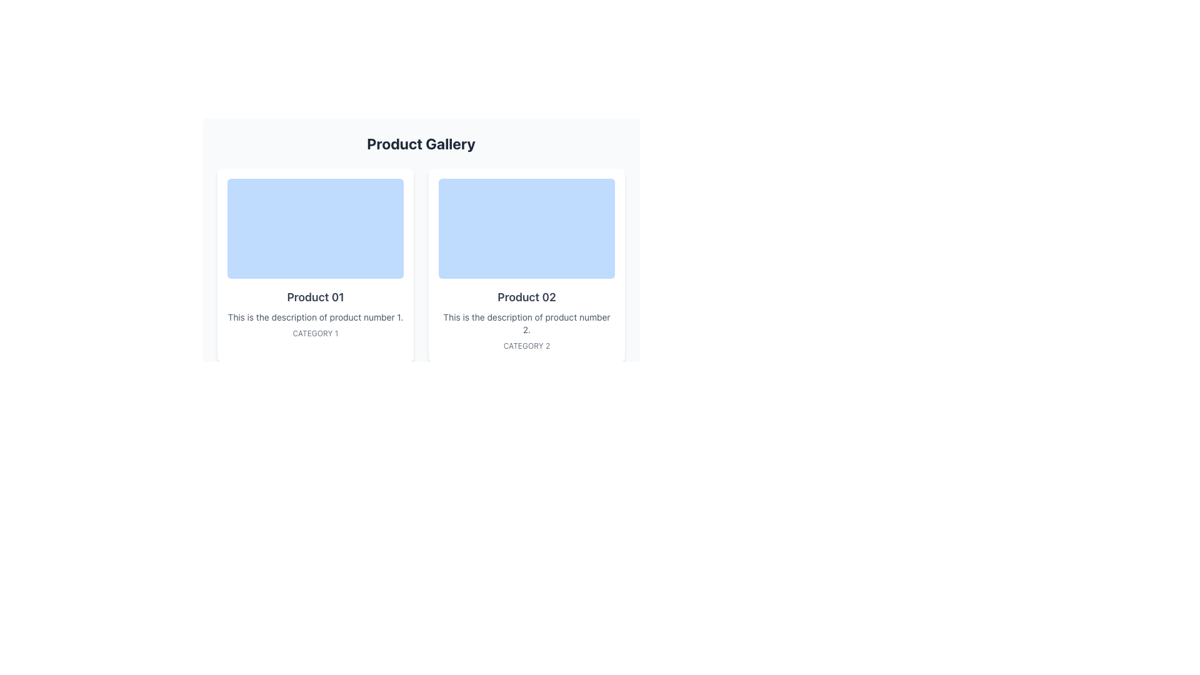 Image resolution: width=1200 pixels, height=675 pixels. What do you see at coordinates (527, 229) in the screenshot?
I see `the visual placeholder or representation panel for 'Product 02', which is located at the top section of the card, directly above the title and description` at bounding box center [527, 229].